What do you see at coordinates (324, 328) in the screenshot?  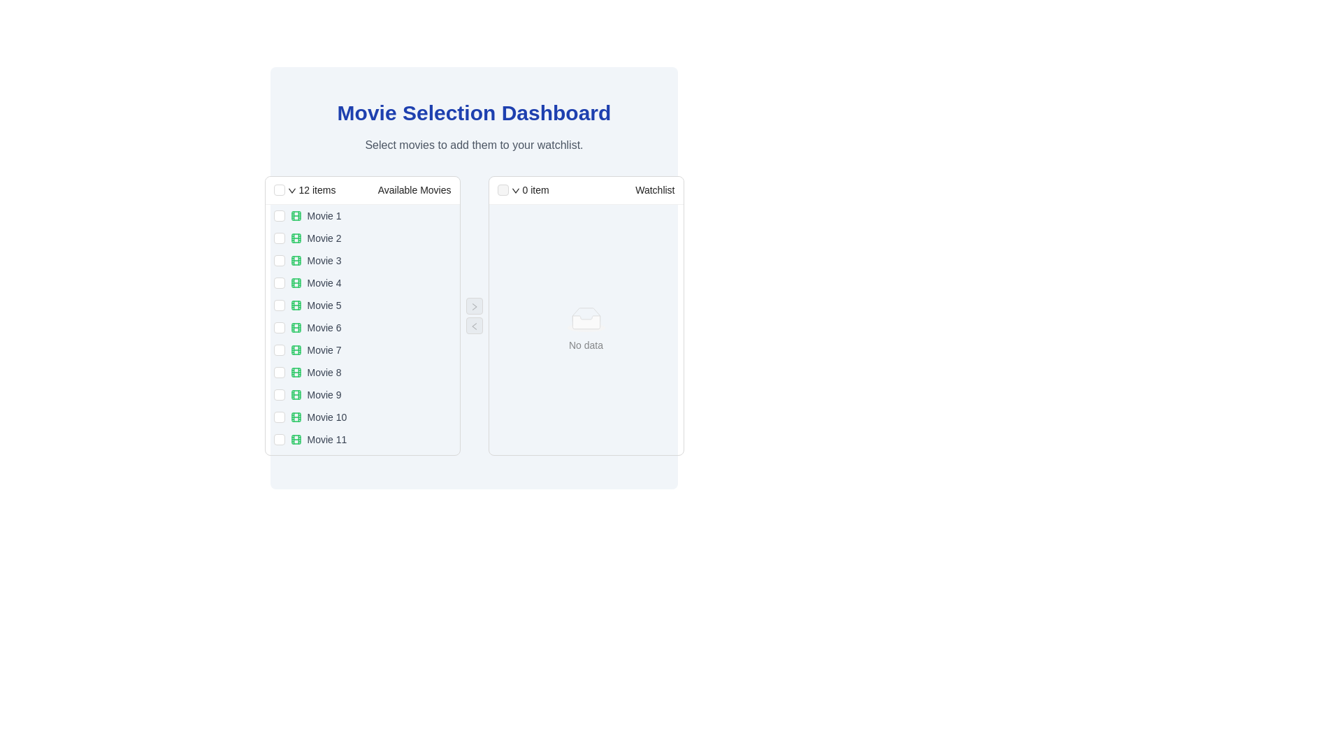 I see `the movie item labeled 'Movie 6' in the vertical list of available movies` at bounding box center [324, 328].